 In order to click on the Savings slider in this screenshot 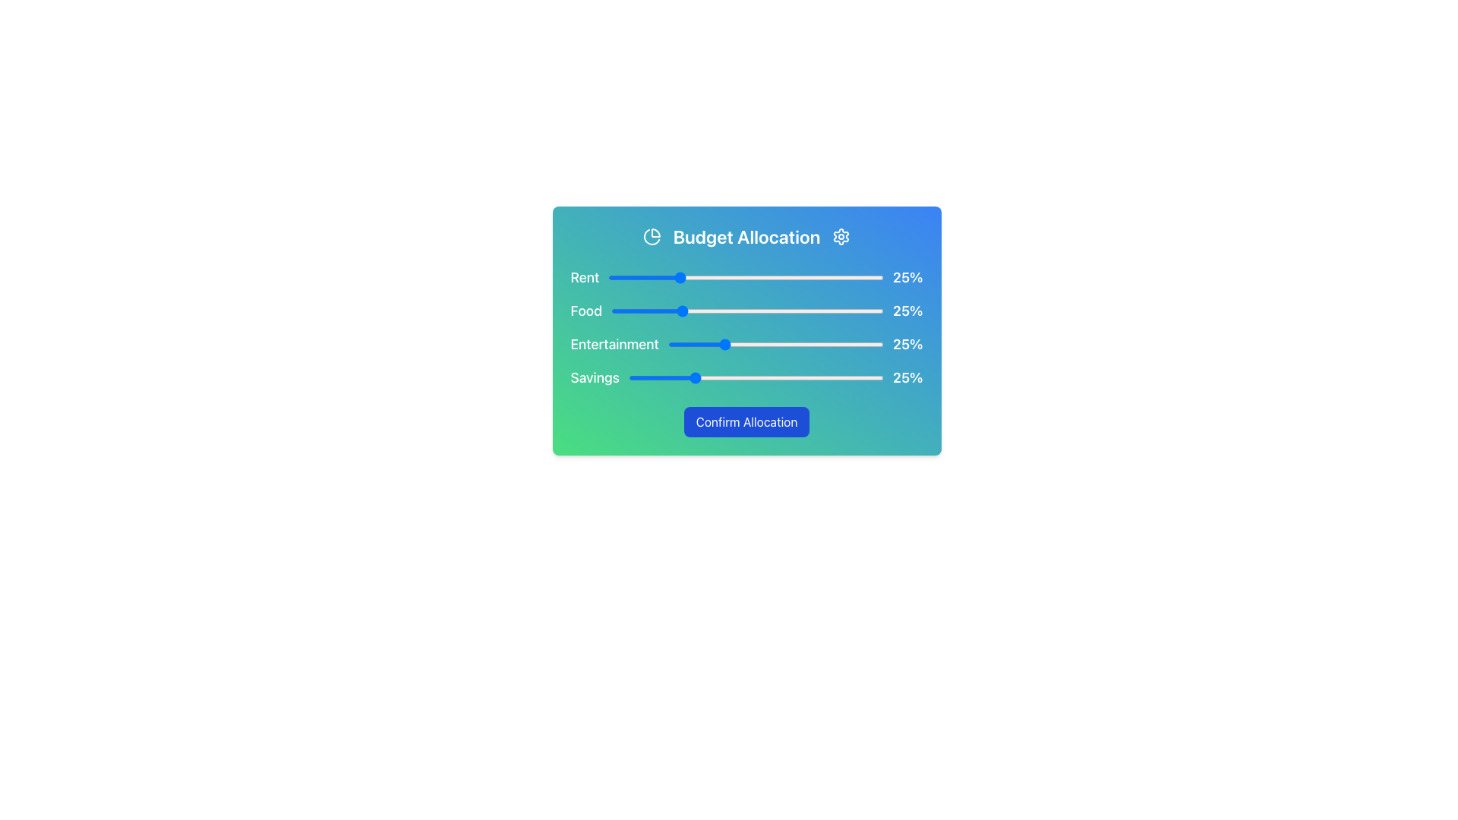, I will do `click(847, 377)`.